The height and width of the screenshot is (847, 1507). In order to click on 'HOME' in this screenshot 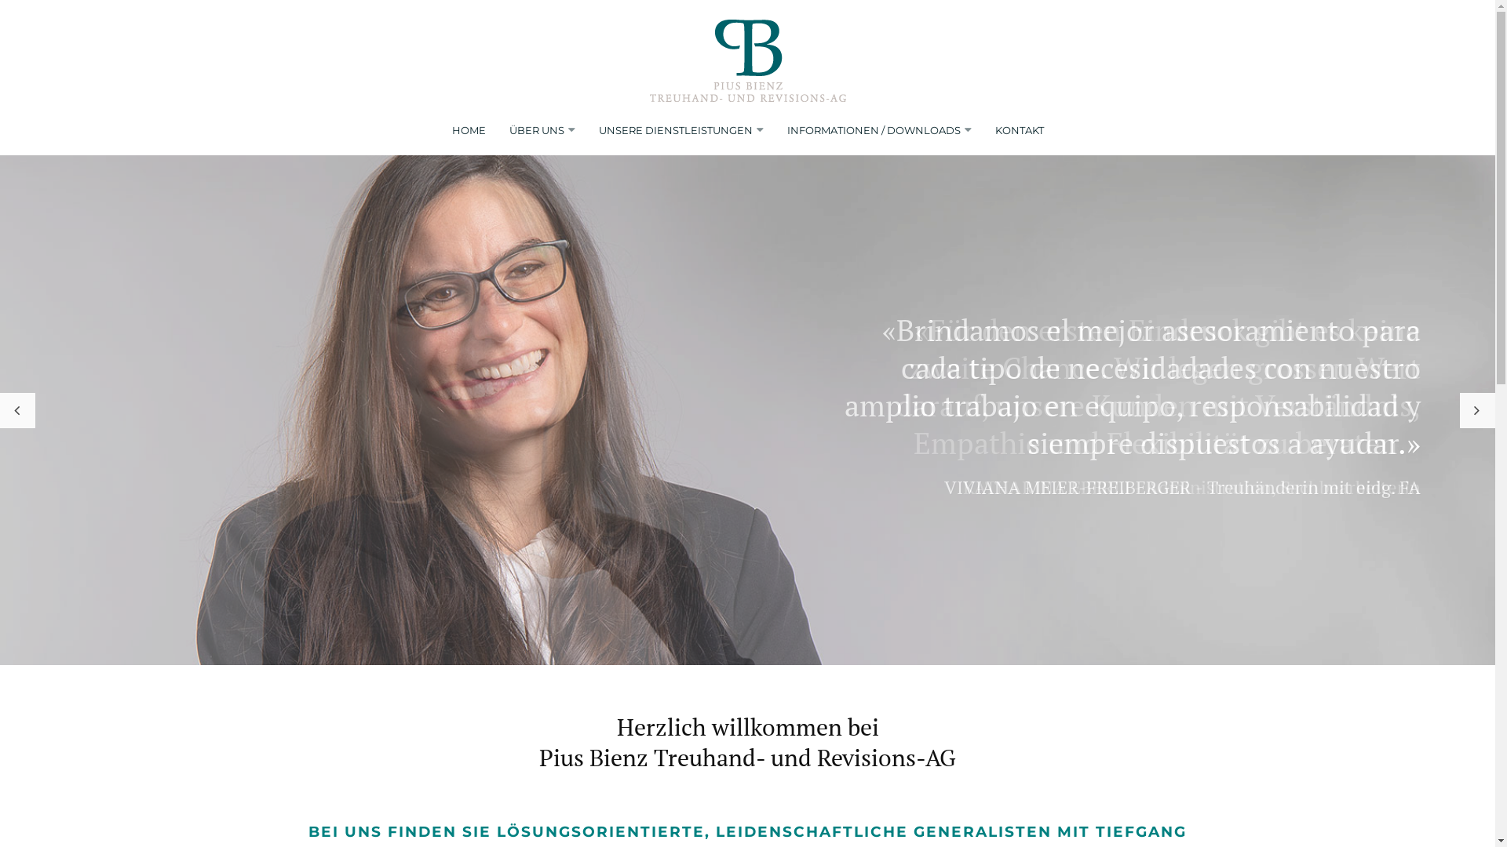, I will do `click(468, 129)`.